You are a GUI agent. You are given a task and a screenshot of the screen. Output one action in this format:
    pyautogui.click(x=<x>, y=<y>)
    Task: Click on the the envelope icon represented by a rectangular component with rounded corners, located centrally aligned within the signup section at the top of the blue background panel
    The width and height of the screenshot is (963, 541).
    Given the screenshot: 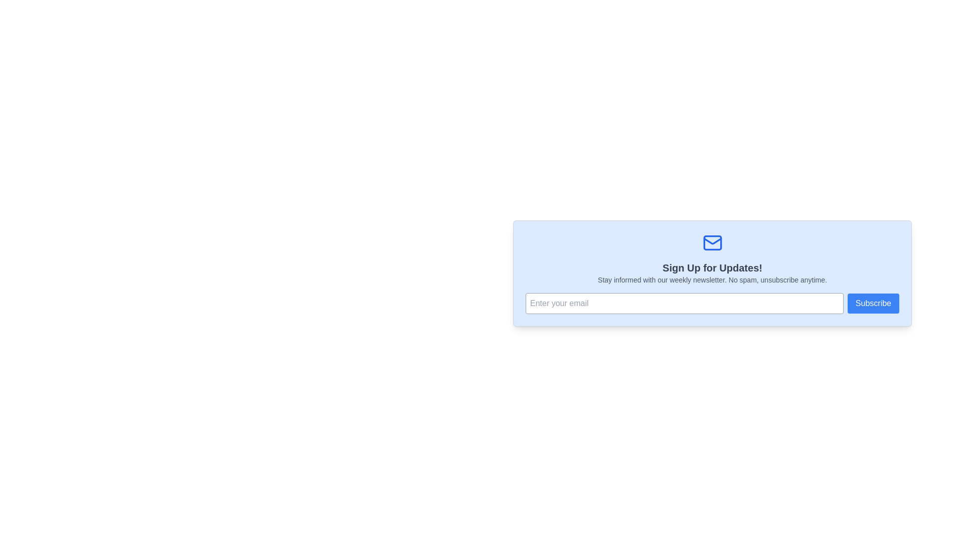 What is the action you would take?
    pyautogui.click(x=712, y=243)
    